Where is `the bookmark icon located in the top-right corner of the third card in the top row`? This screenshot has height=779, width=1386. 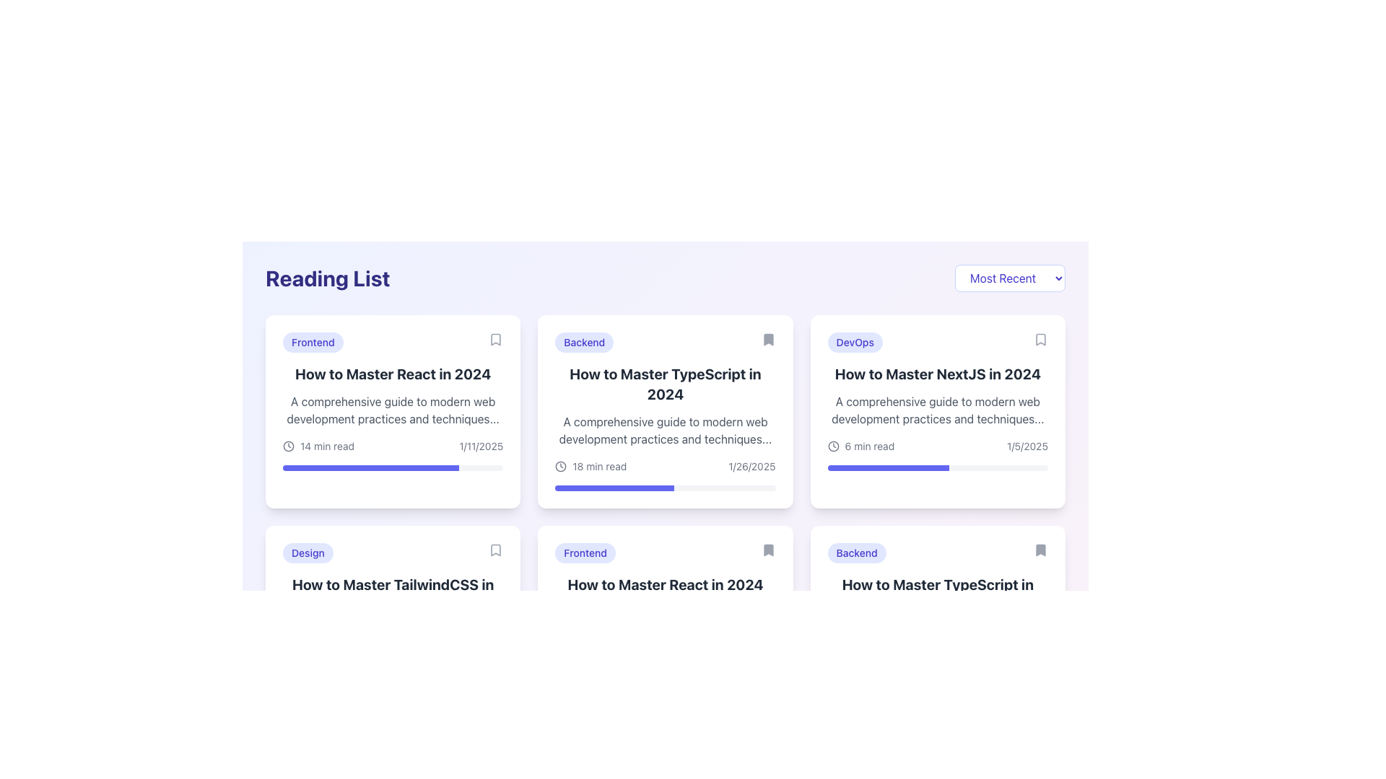 the bookmark icon located in the top-right corner of the third card in the top row is located at coordinates (1040, 339).